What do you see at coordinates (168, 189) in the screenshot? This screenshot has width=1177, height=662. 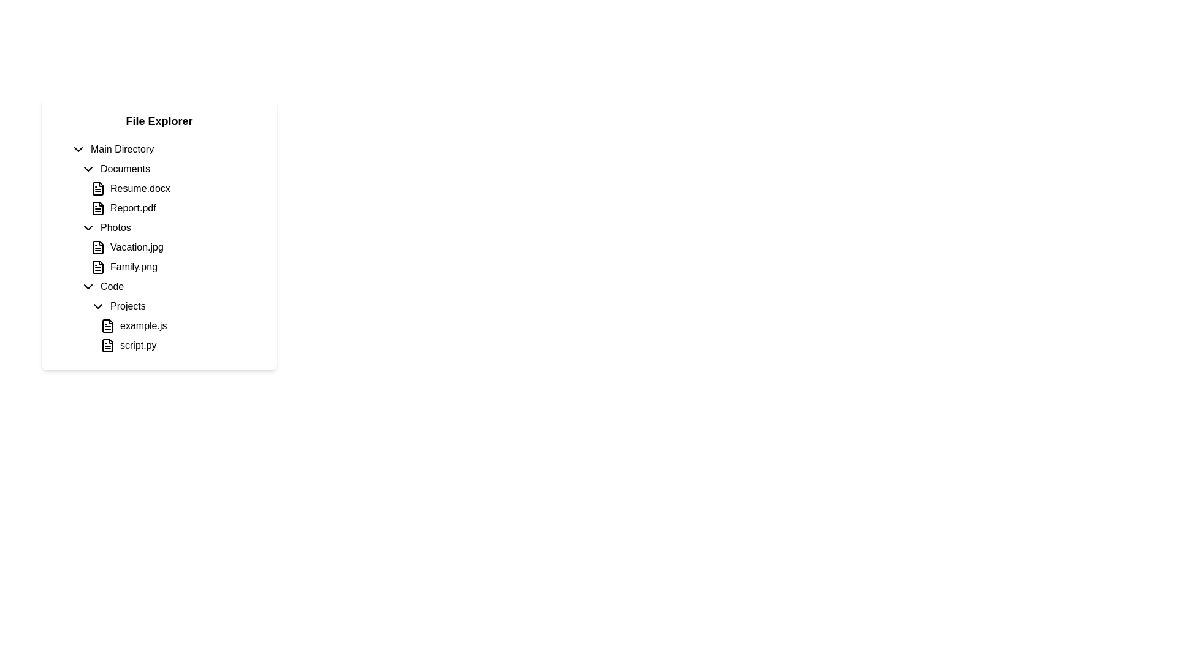 I see `on the file label for 'Resume.docx' located under the 'Documents' folder` at bounding box center [168, 189].